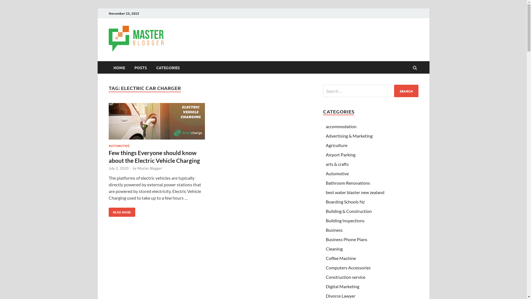 The image size is (531, 299). Describe the element at coordinates (334, 230) in the screenshot. I see `'Business'` at that location.